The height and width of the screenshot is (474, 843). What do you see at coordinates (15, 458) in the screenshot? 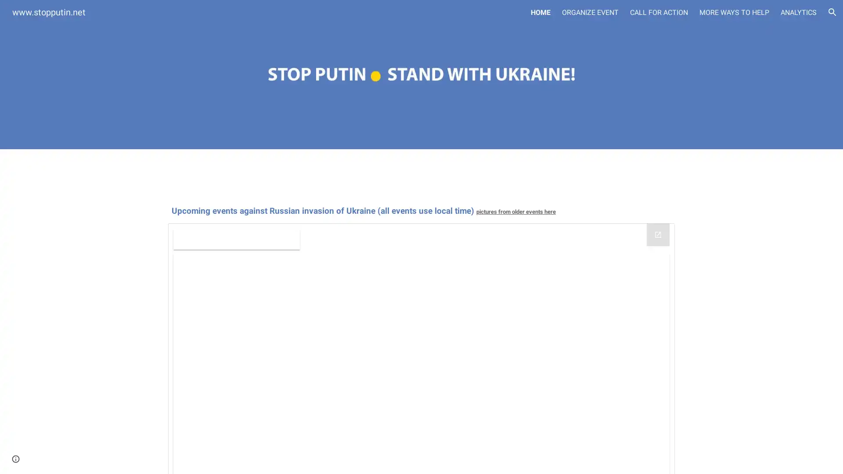
I see `Site actions` at bounding box center [15, 458].